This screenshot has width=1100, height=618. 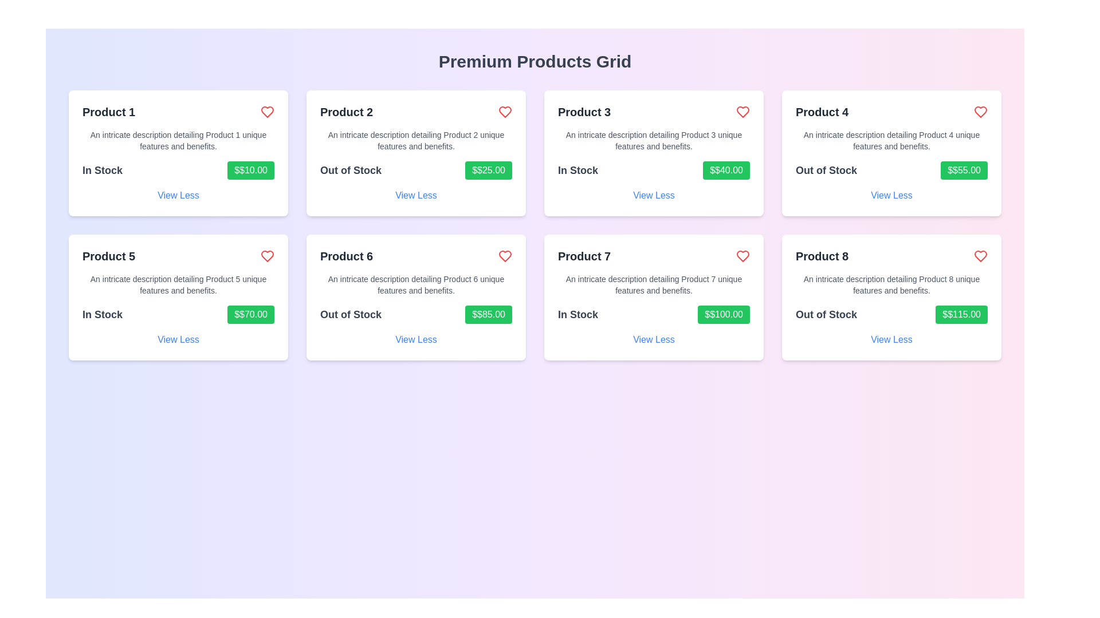 I want to click on the availability status text label located in the upper-right quadrant of the interface, specifically within the fourth product card labeled 'Product 4', positioned above the price label ($55.00) and below the brief description, so click(x=826, y=170).